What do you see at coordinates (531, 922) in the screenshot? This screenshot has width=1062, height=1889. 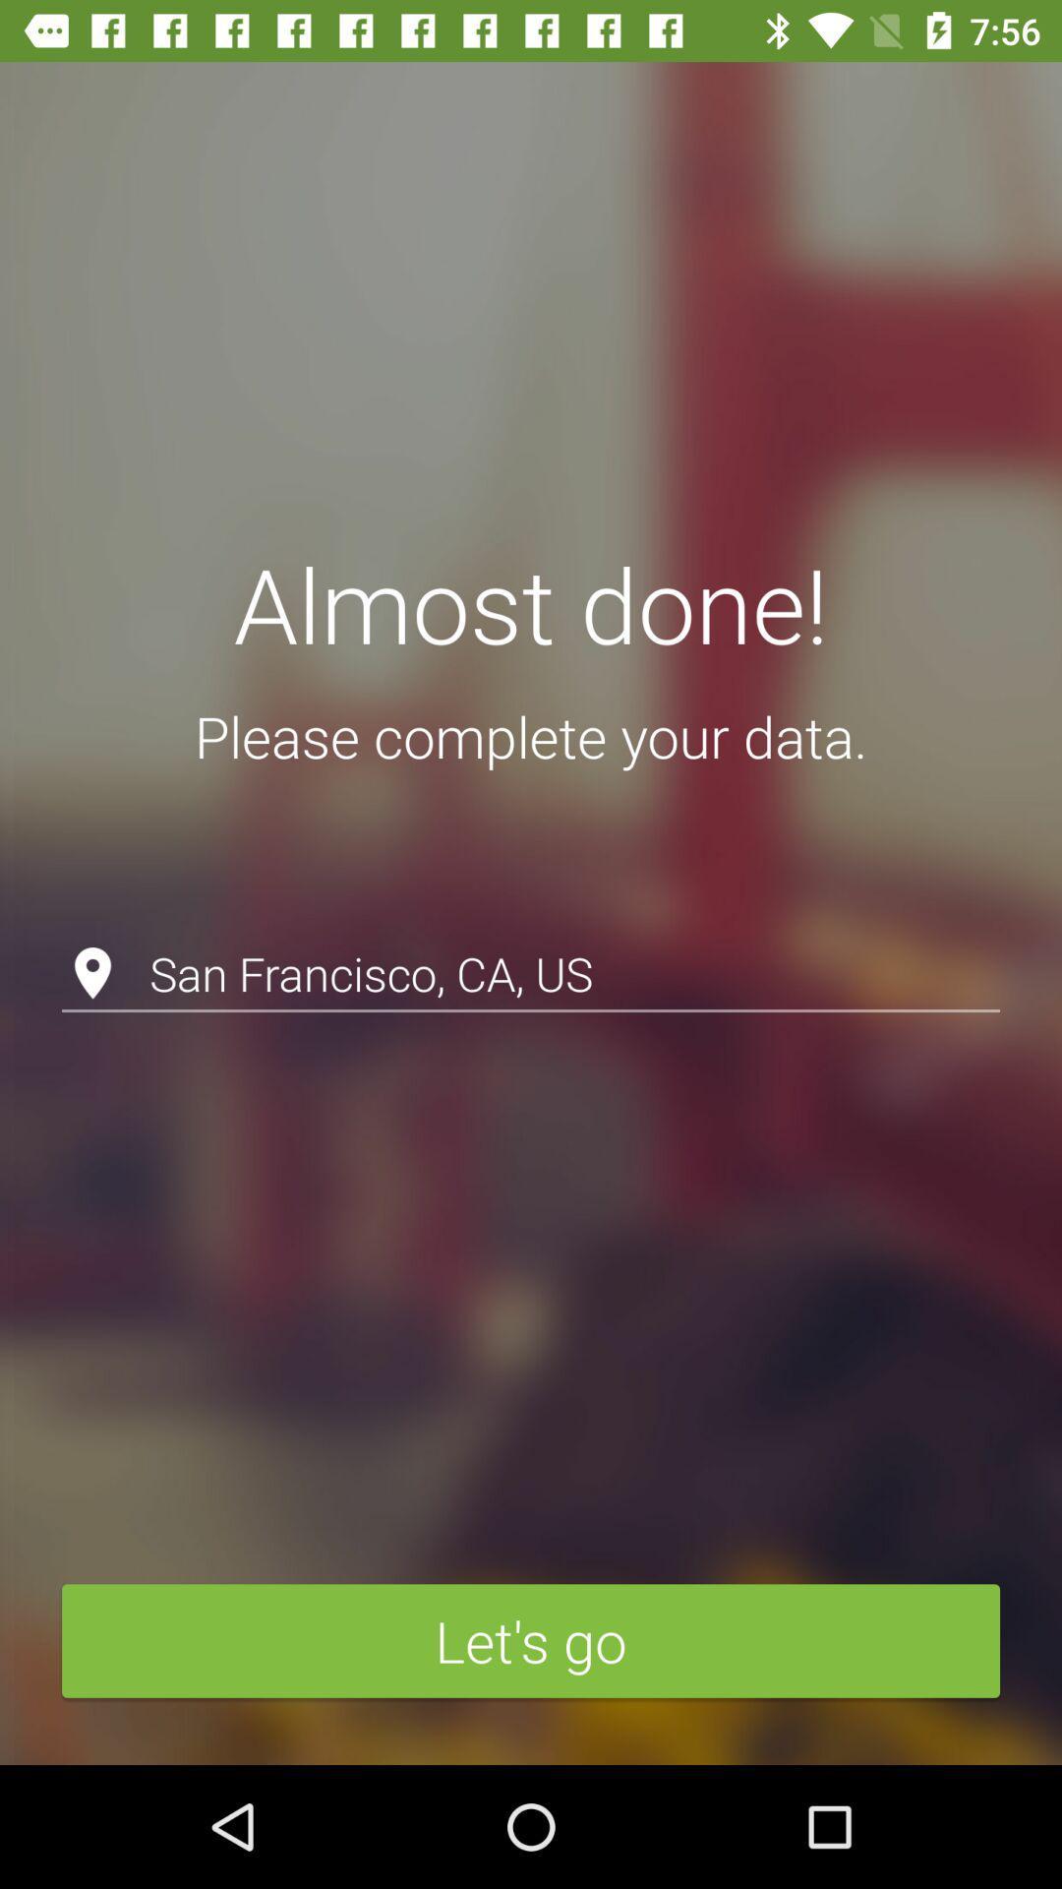 I see `address page` at bounding box center [531, 922].